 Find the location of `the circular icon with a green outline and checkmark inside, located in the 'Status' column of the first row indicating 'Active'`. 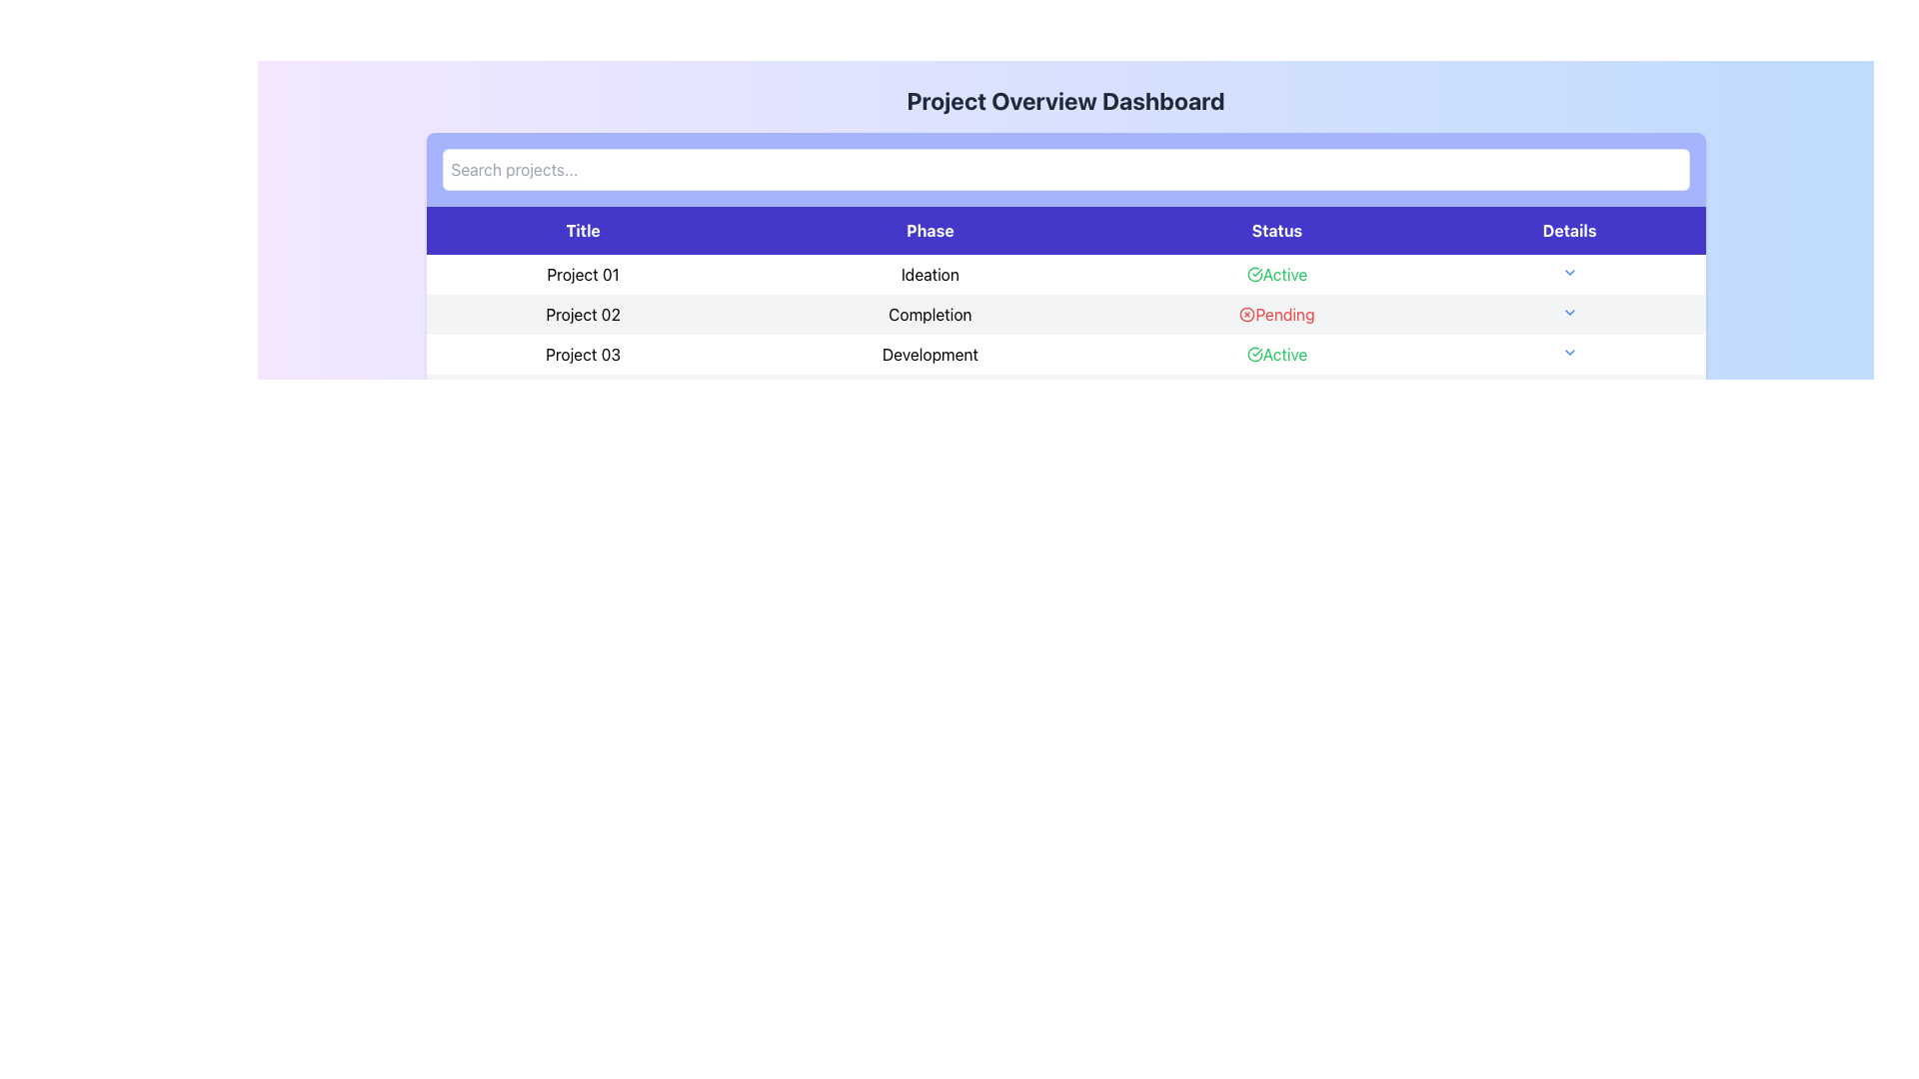

the circular icon with a green outline and checkmark inside, located in the 'Status' column of the first row indicating 'Active' is located at coordinates (1253, 274).